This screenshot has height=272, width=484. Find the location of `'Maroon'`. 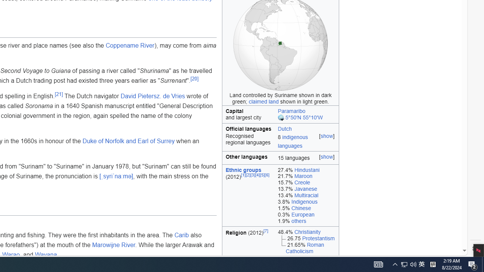

'Maroon' is located at coordinates (303, 176).